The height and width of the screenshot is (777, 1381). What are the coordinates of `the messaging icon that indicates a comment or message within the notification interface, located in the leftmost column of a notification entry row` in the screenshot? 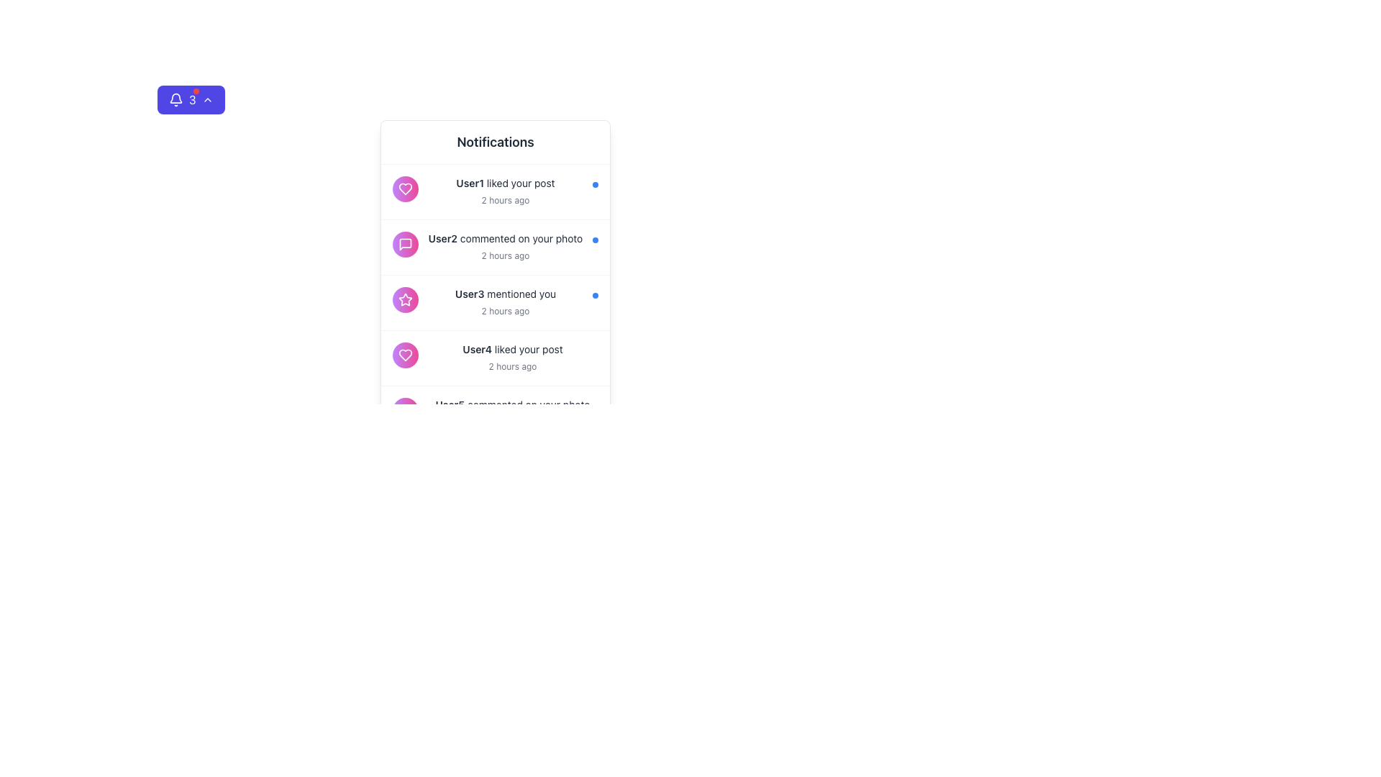 It's located at (405, 410).